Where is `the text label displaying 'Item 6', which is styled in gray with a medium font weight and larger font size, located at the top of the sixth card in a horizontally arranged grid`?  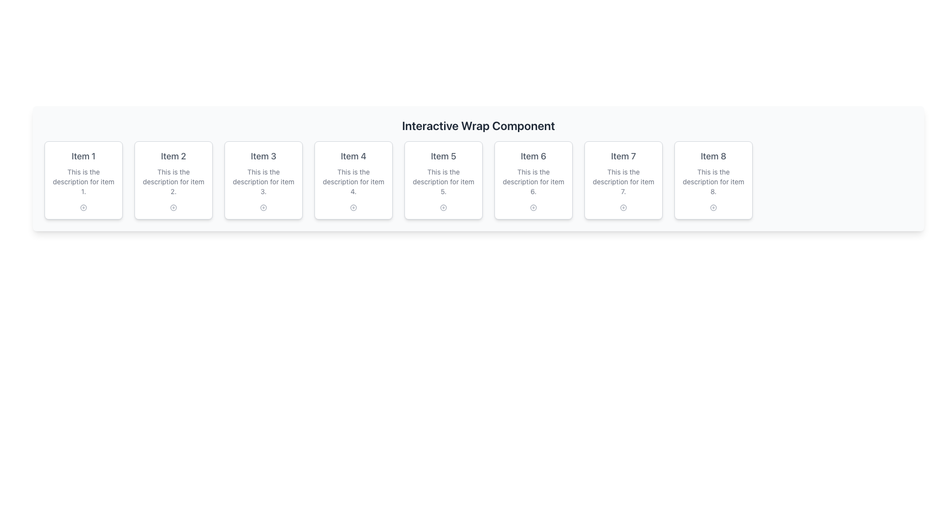 the text label displaying 'Item 6', which is styled in gray with a medium font weight and larger font size, located at the top of the sixth card in a horizontally arranged grid is located at coordinates (533, 156).